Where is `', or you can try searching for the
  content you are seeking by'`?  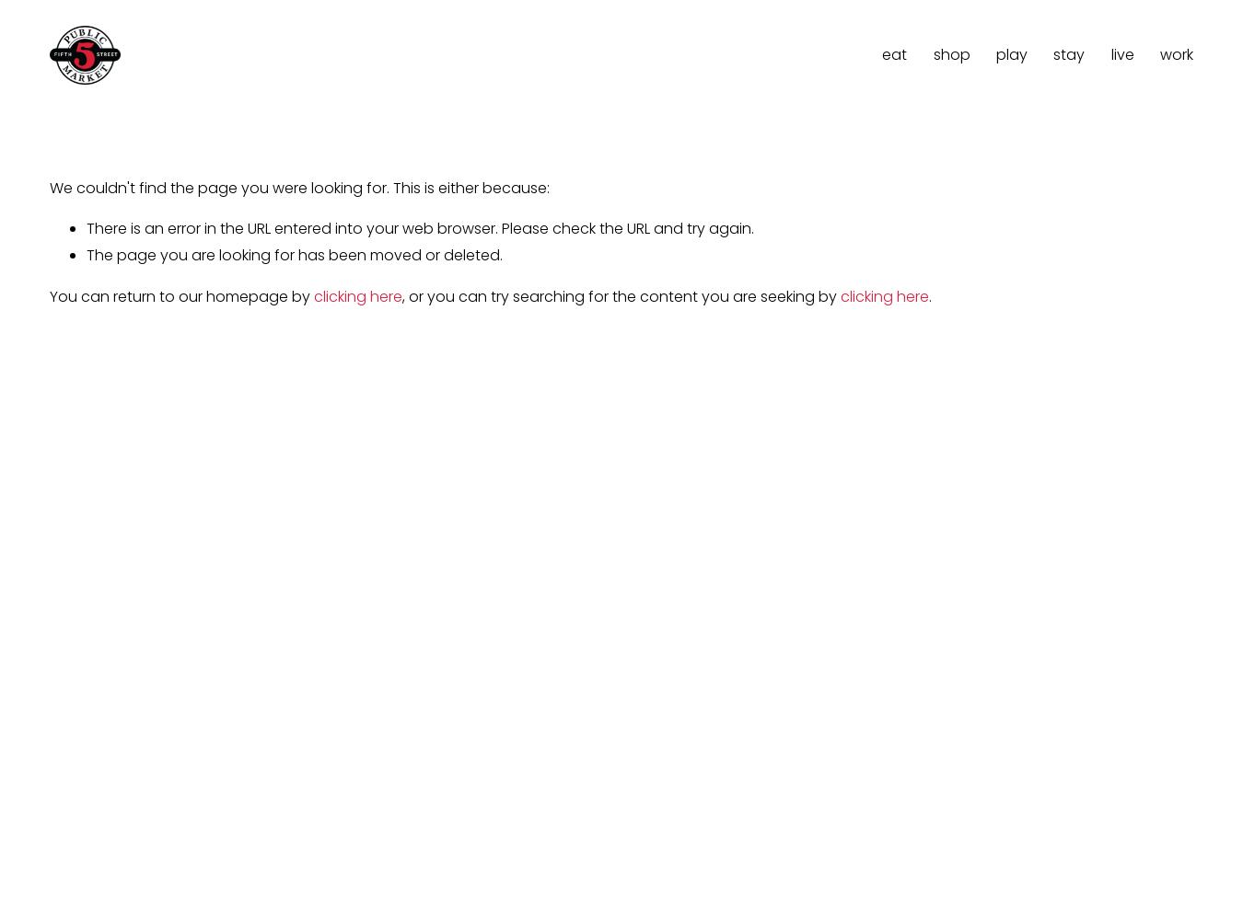 ', or you can try searching for the
  content you are seeking by' is located at coordinates (621, 295).